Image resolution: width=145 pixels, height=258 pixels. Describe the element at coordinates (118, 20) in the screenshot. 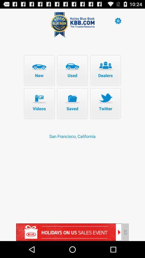

I see `settings` at that location.